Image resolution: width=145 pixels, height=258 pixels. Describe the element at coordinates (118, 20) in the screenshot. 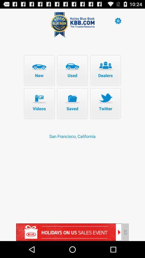

I see `settings` at that location.